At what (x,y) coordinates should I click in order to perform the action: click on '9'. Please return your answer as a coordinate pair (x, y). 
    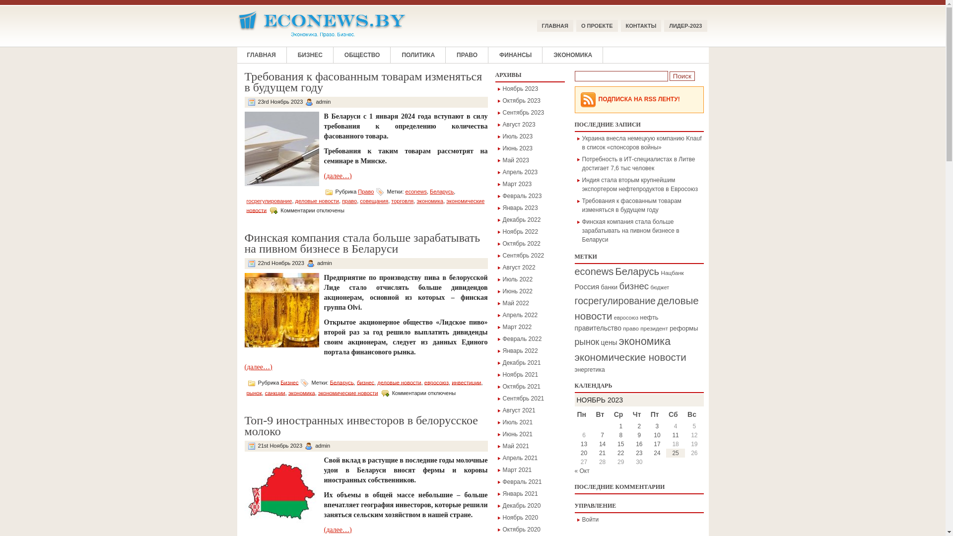
    Looking at the image, I should click on (637, 434).